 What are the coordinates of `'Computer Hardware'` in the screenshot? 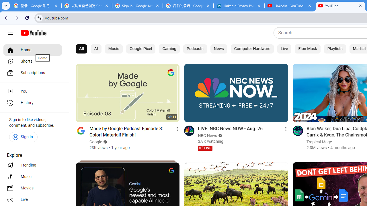 It's located at (252, 49).